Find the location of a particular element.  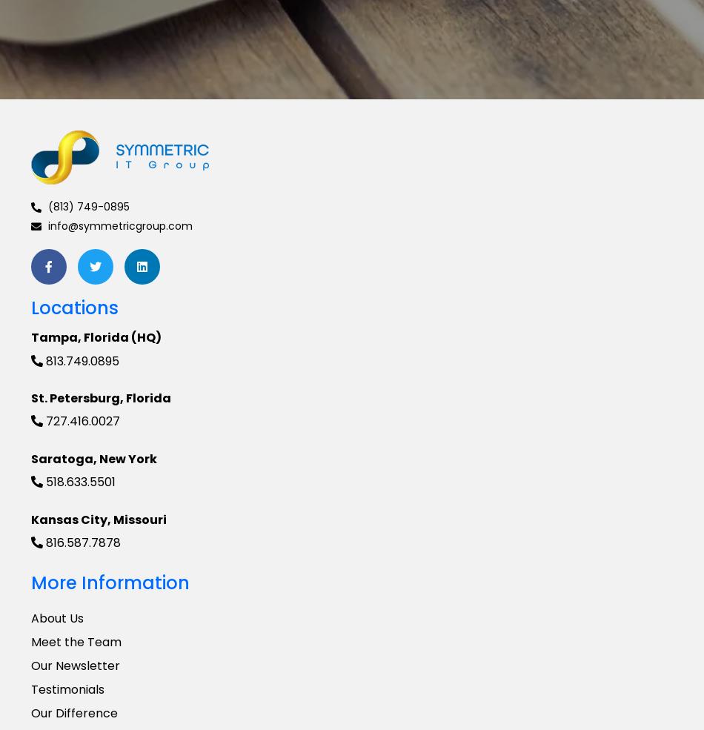

'Meet the Team' is located at coordinates (76, 641).